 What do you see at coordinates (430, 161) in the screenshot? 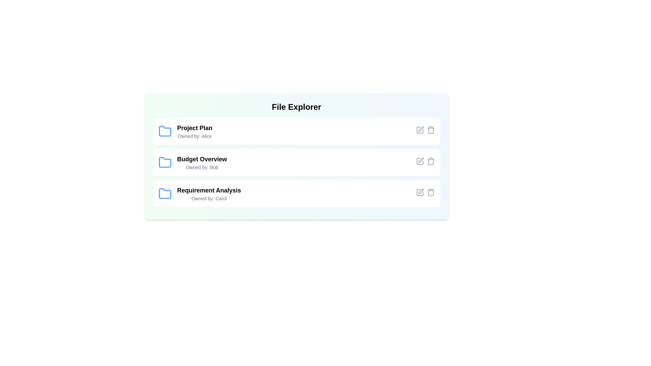
I see `the delete icon for the file named Budget Overview` at bounding box center [430, 161].